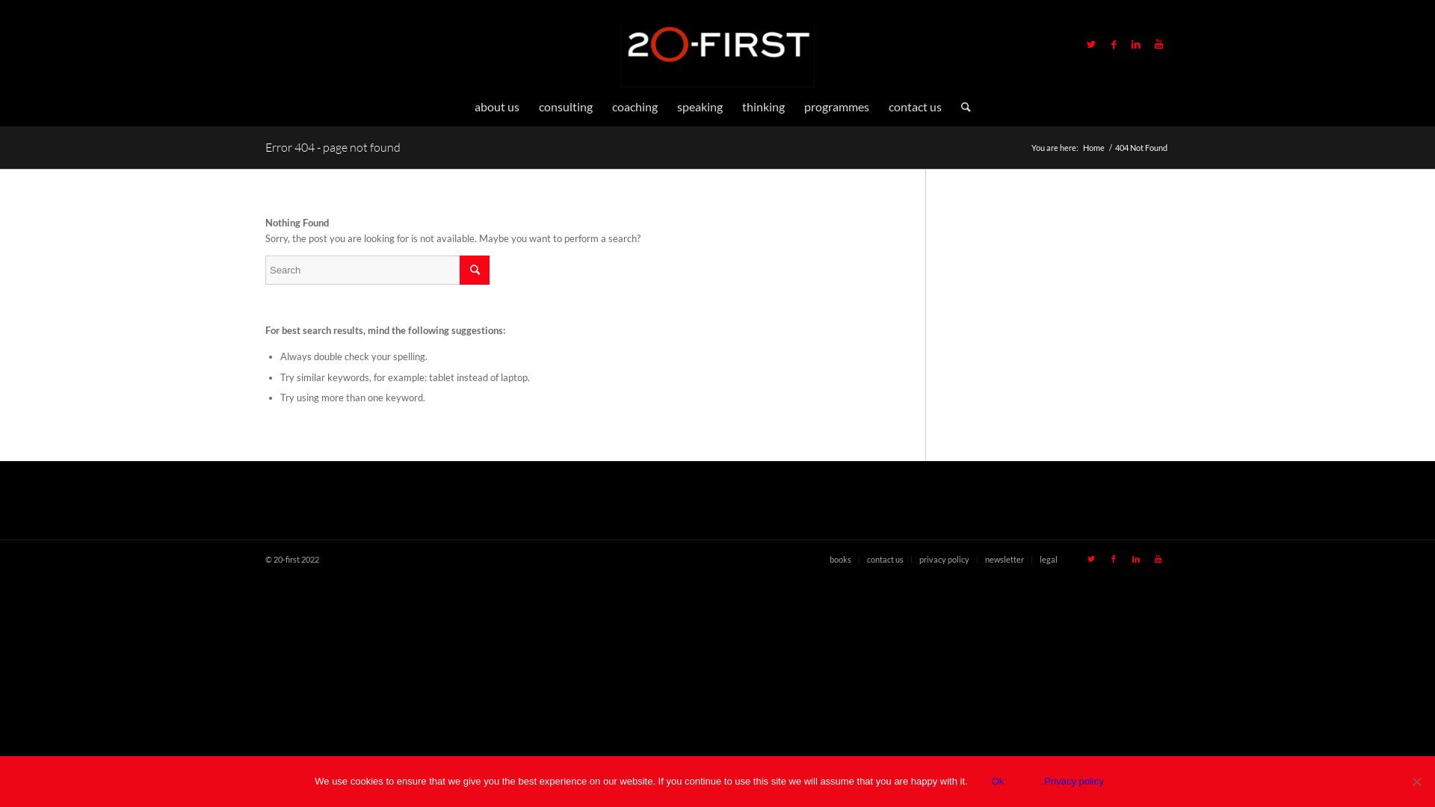 The width and height of the screenshot is (1435, 807). Describe the element at coordinates (635, 105) in the screenshot. I see `'coaching'` at that location.